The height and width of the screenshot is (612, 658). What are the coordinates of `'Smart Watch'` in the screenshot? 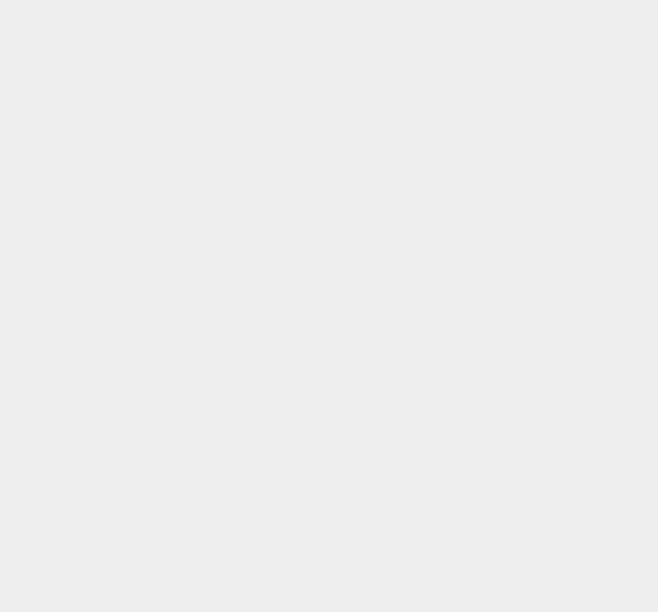 It's located at (487, 89).